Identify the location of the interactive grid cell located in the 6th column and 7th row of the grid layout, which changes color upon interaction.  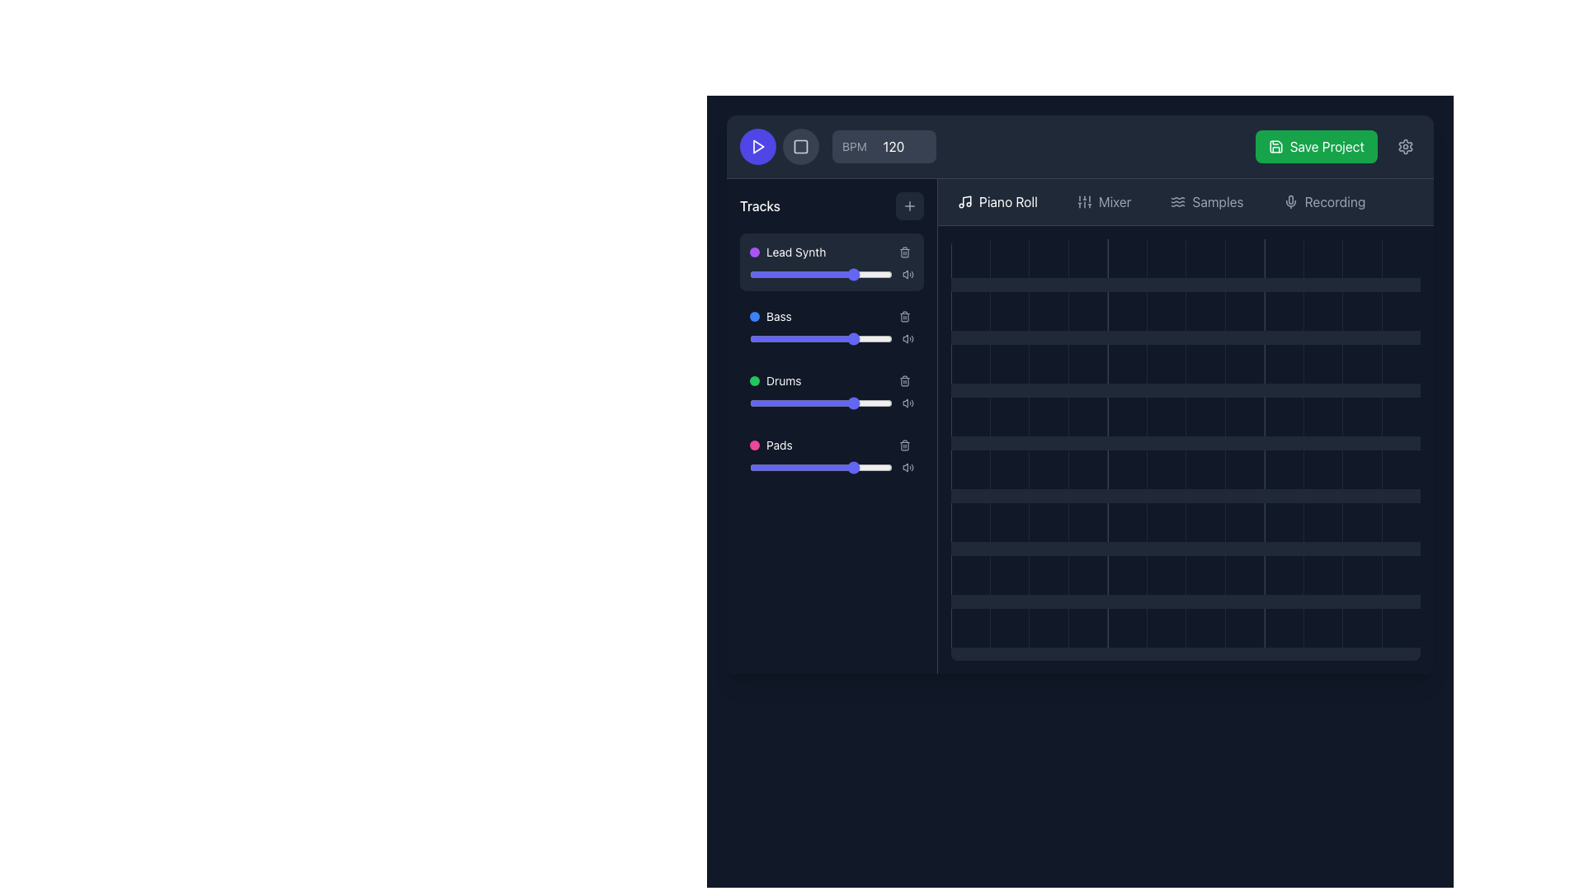
(1205, 574).